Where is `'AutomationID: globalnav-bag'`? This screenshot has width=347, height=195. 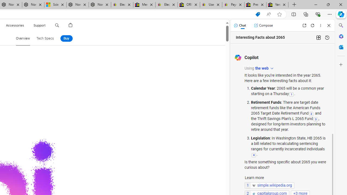 'AutomationID: globalnav-bag' is located at coordinates (70, 25).